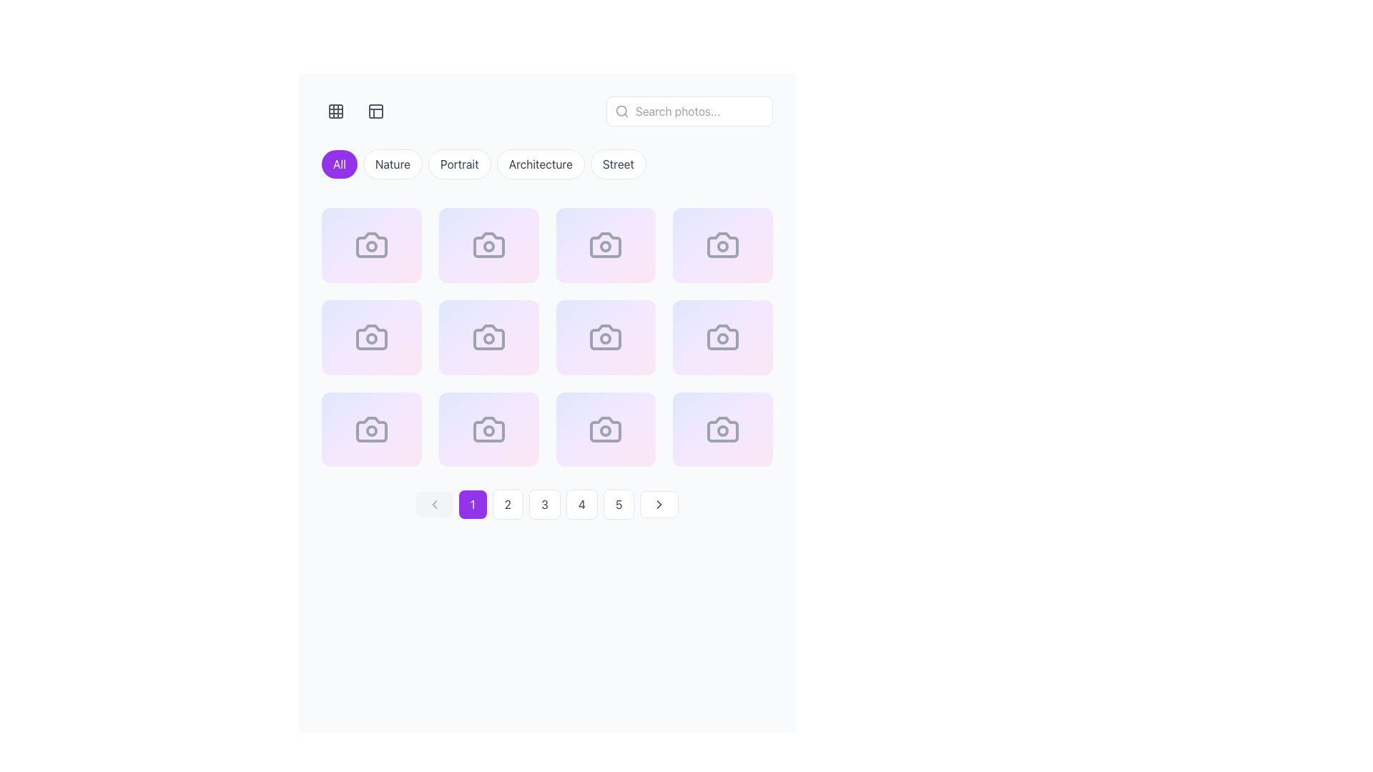  What do you see at coordinates (335, 110) in the screenshot?
I see `the top-left square icon with rounded corners, styled with a dark stroke and no fill, within the SVG grid structure` at bounding box center [335, 110].